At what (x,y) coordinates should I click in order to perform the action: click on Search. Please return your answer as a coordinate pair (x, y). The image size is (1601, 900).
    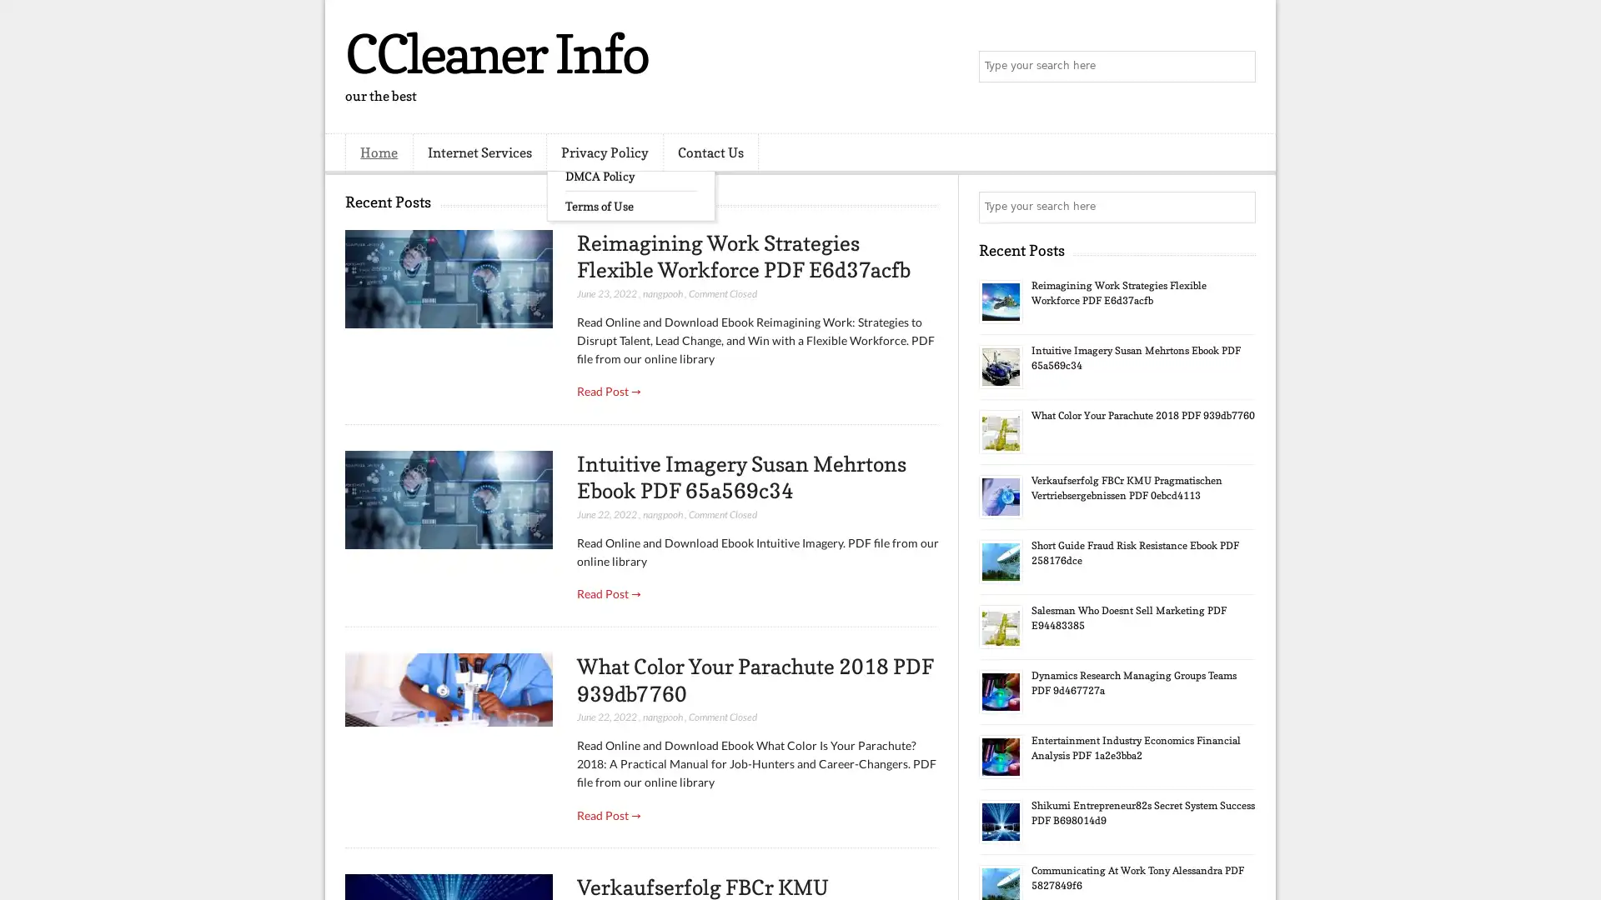
    Looking at the image, I should click on (1238, 67).